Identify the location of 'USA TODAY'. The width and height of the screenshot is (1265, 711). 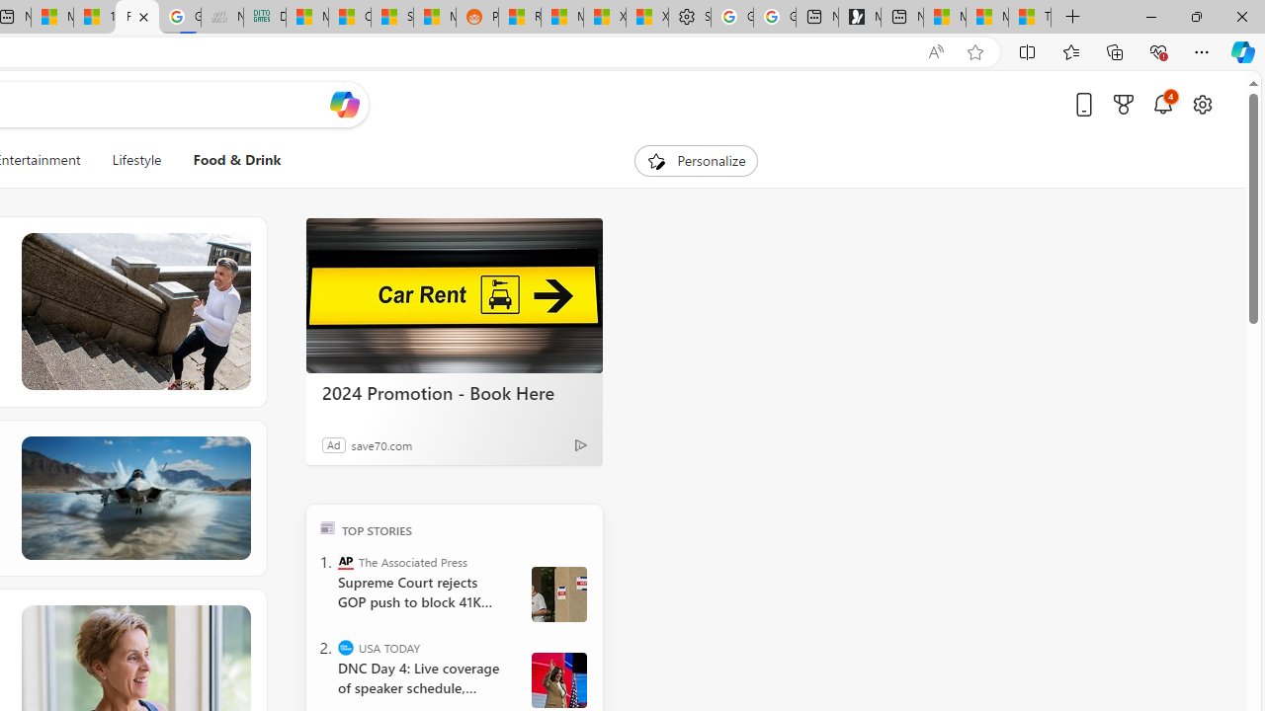
(346, 647).